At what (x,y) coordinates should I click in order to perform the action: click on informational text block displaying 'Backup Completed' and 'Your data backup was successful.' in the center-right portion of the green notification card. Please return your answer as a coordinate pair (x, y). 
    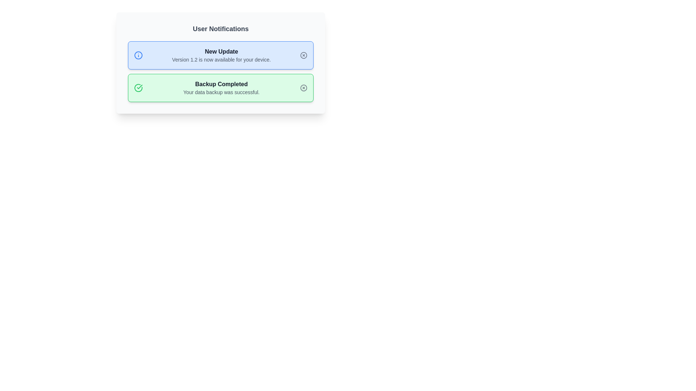
    Looking at the image, I should click on (221, 88).